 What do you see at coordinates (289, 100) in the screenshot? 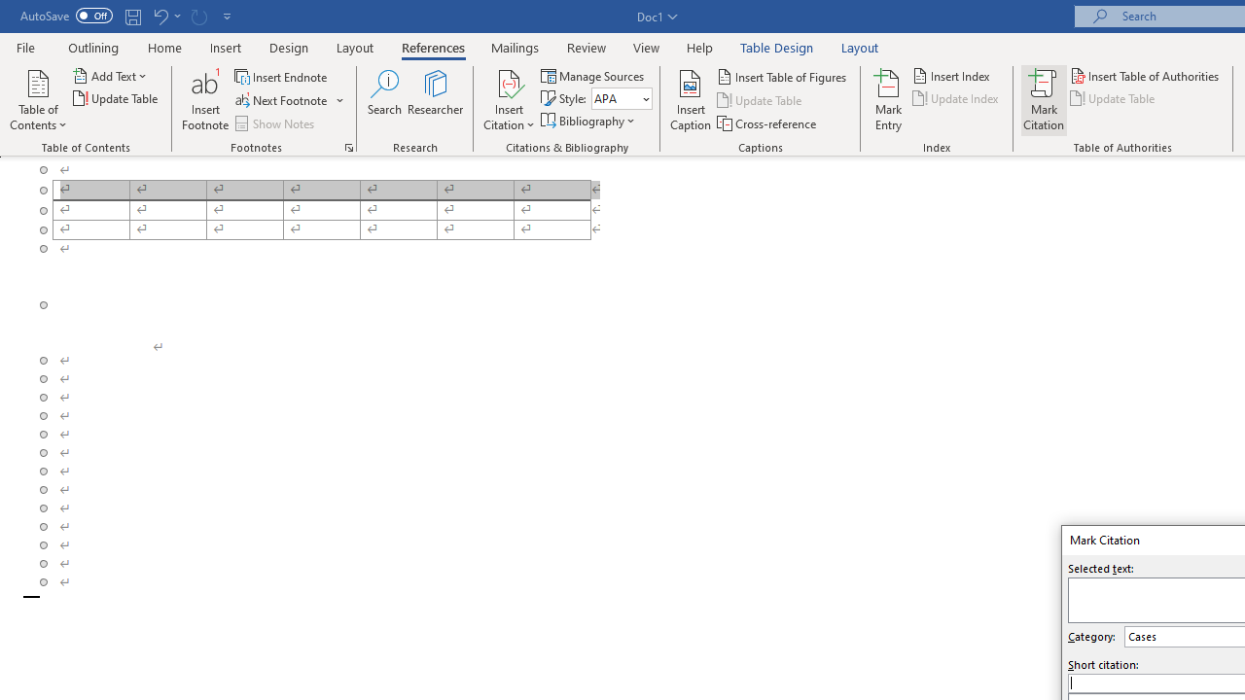
I see `'Next Footnote'` at bounding box center [289, 100].